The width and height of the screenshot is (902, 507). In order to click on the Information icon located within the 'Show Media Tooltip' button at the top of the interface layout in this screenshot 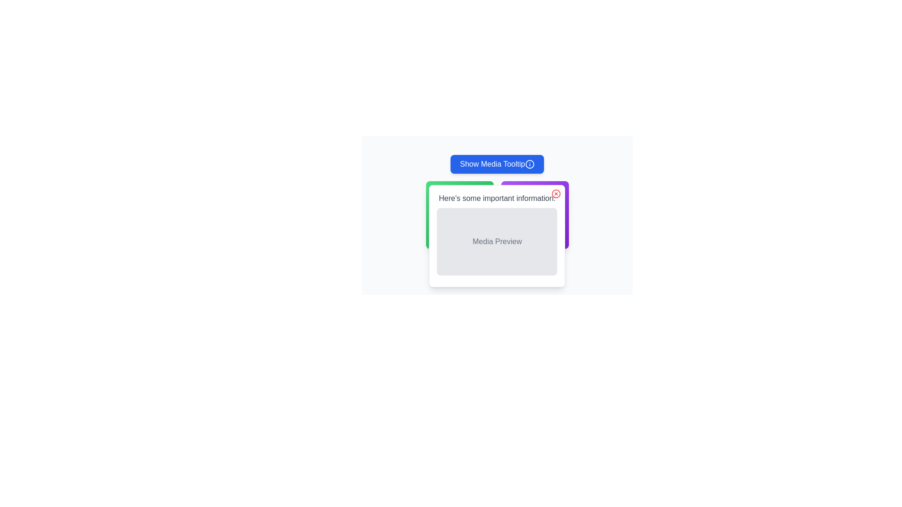, I will do `click(529, 164)`.